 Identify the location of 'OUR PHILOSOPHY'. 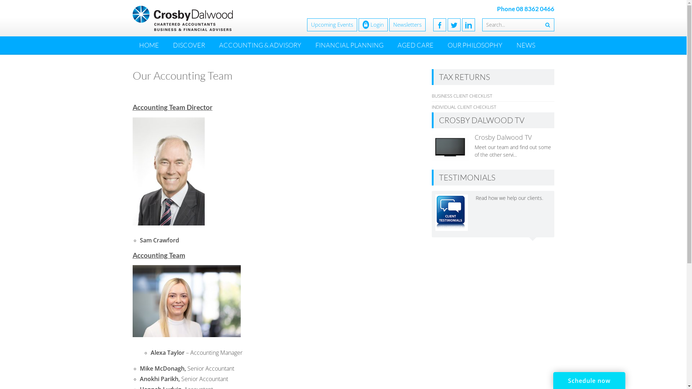
(475, 45).